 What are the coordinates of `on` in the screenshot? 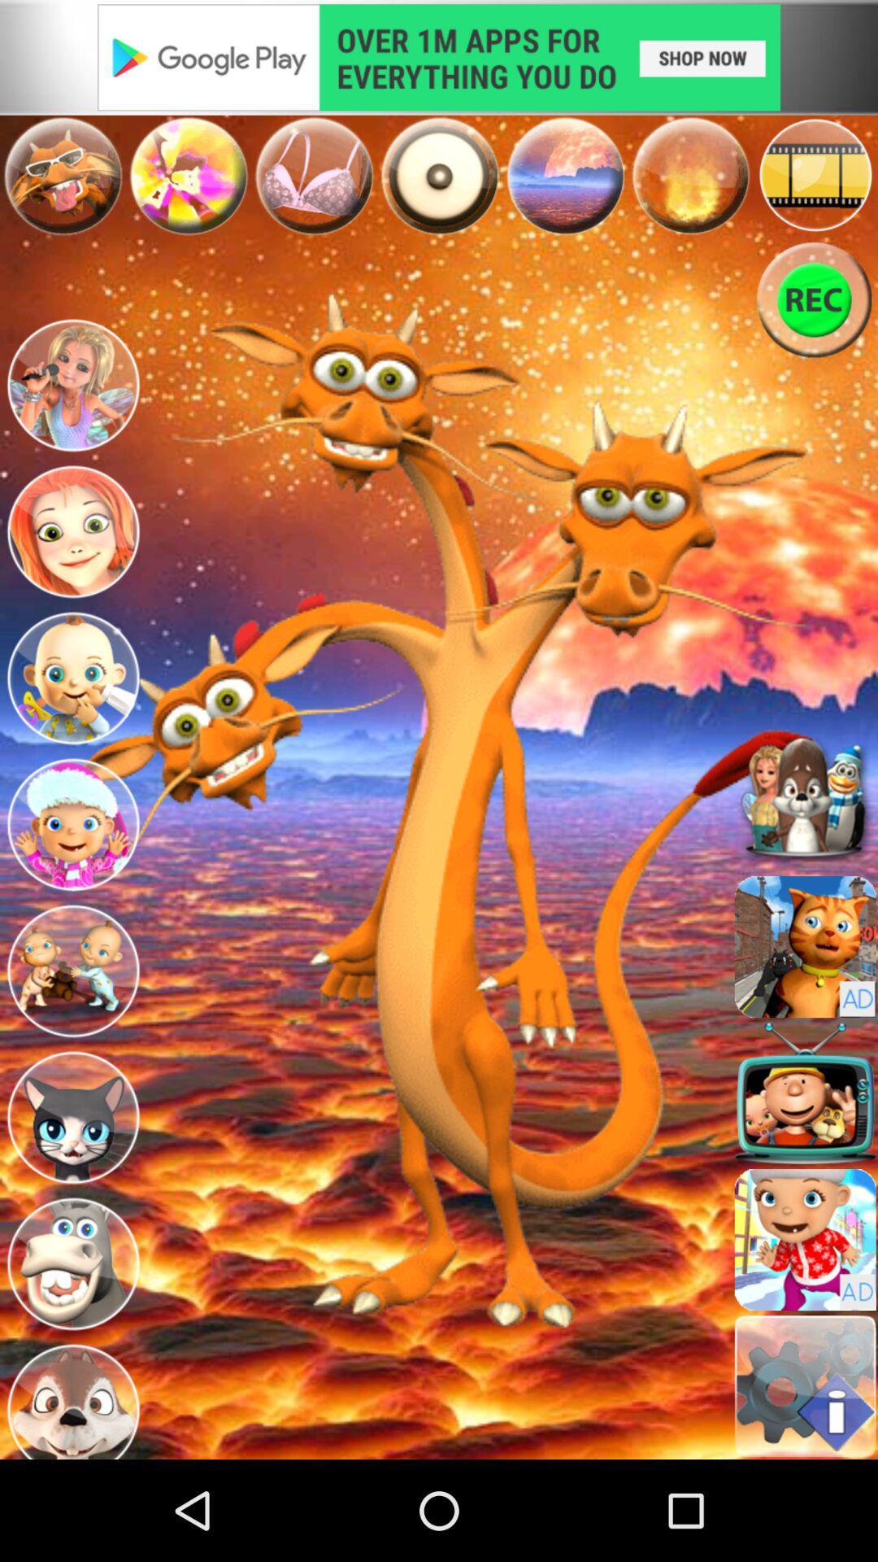 It's located at (439, 176).